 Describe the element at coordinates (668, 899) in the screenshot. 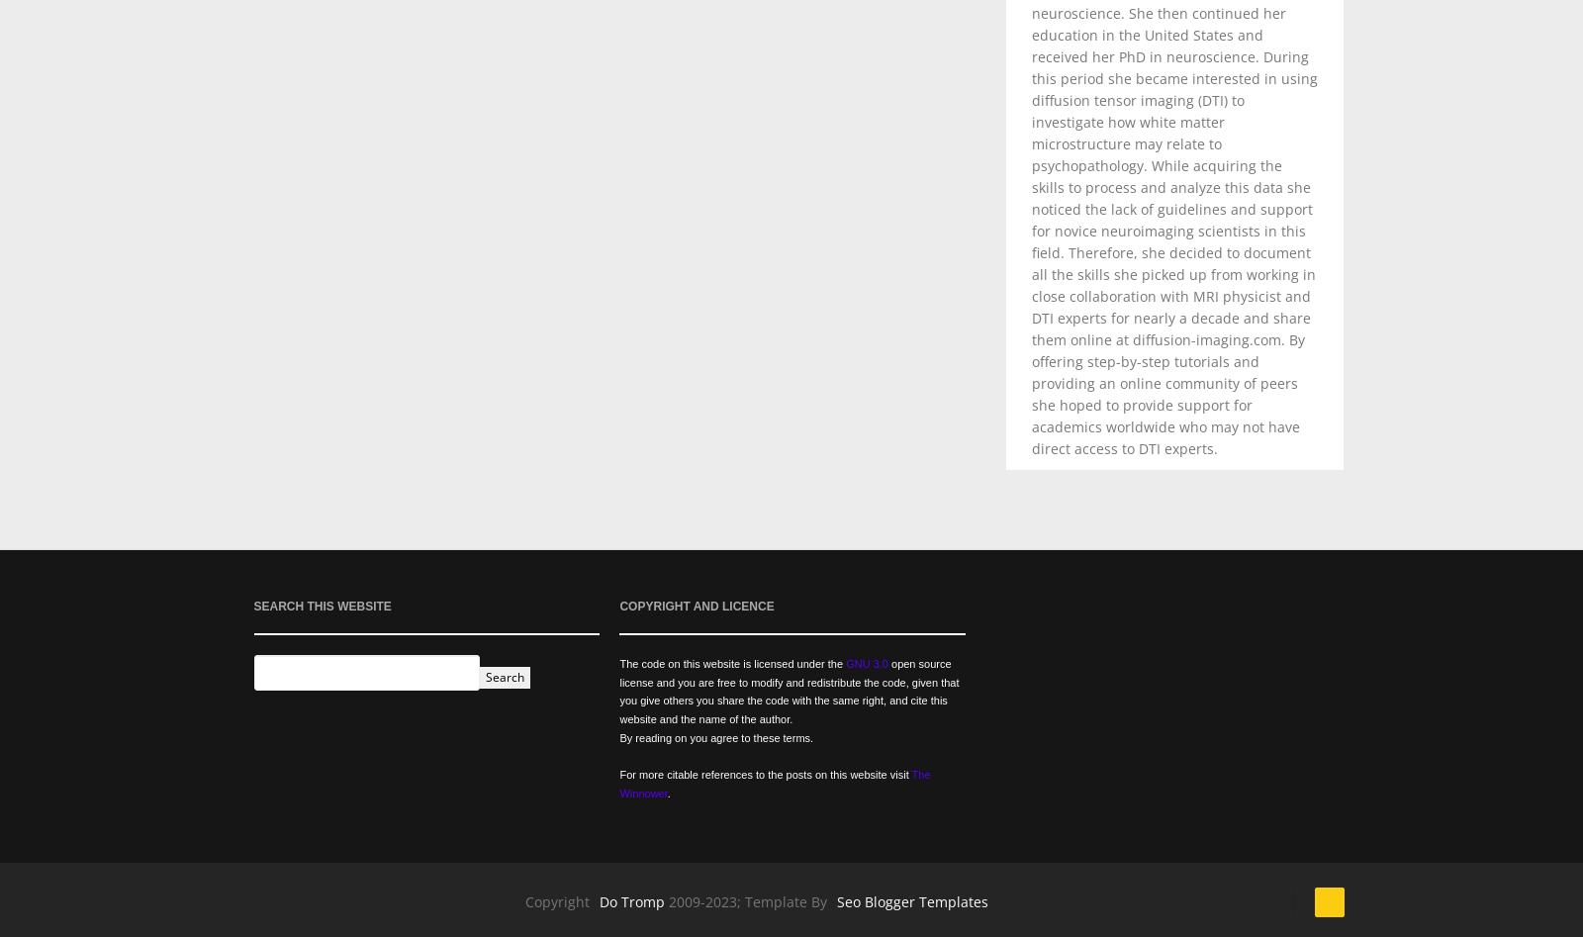

I see `'2009-2023; Template By'` at that location.